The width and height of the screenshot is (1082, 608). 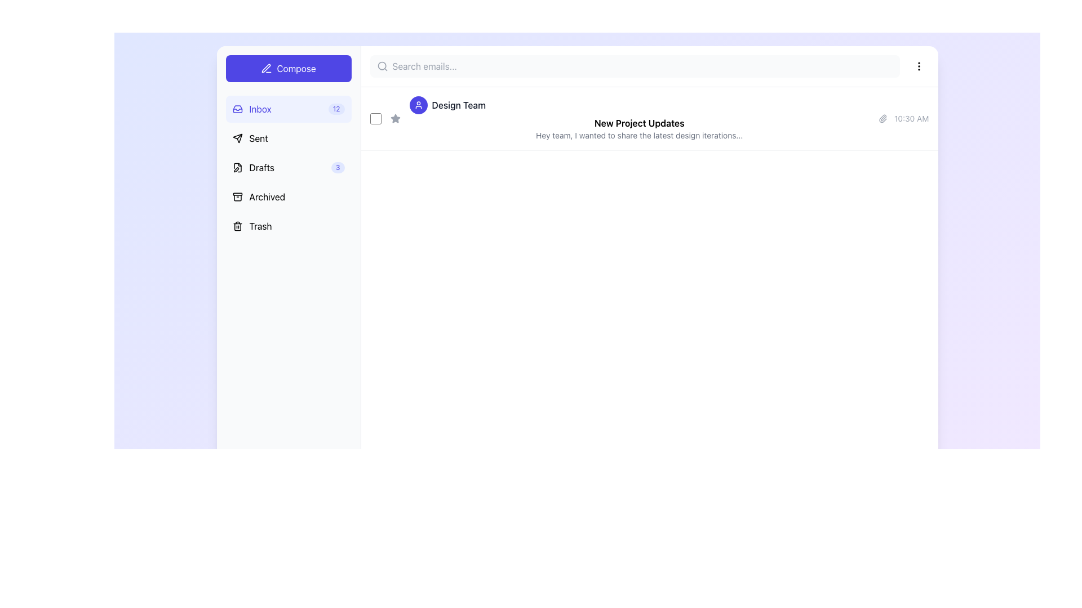 What do you see at coordinates (289, 167) in the screenshot?
I see `the 'Drafts' menu item` at bounding box center [289, 167].